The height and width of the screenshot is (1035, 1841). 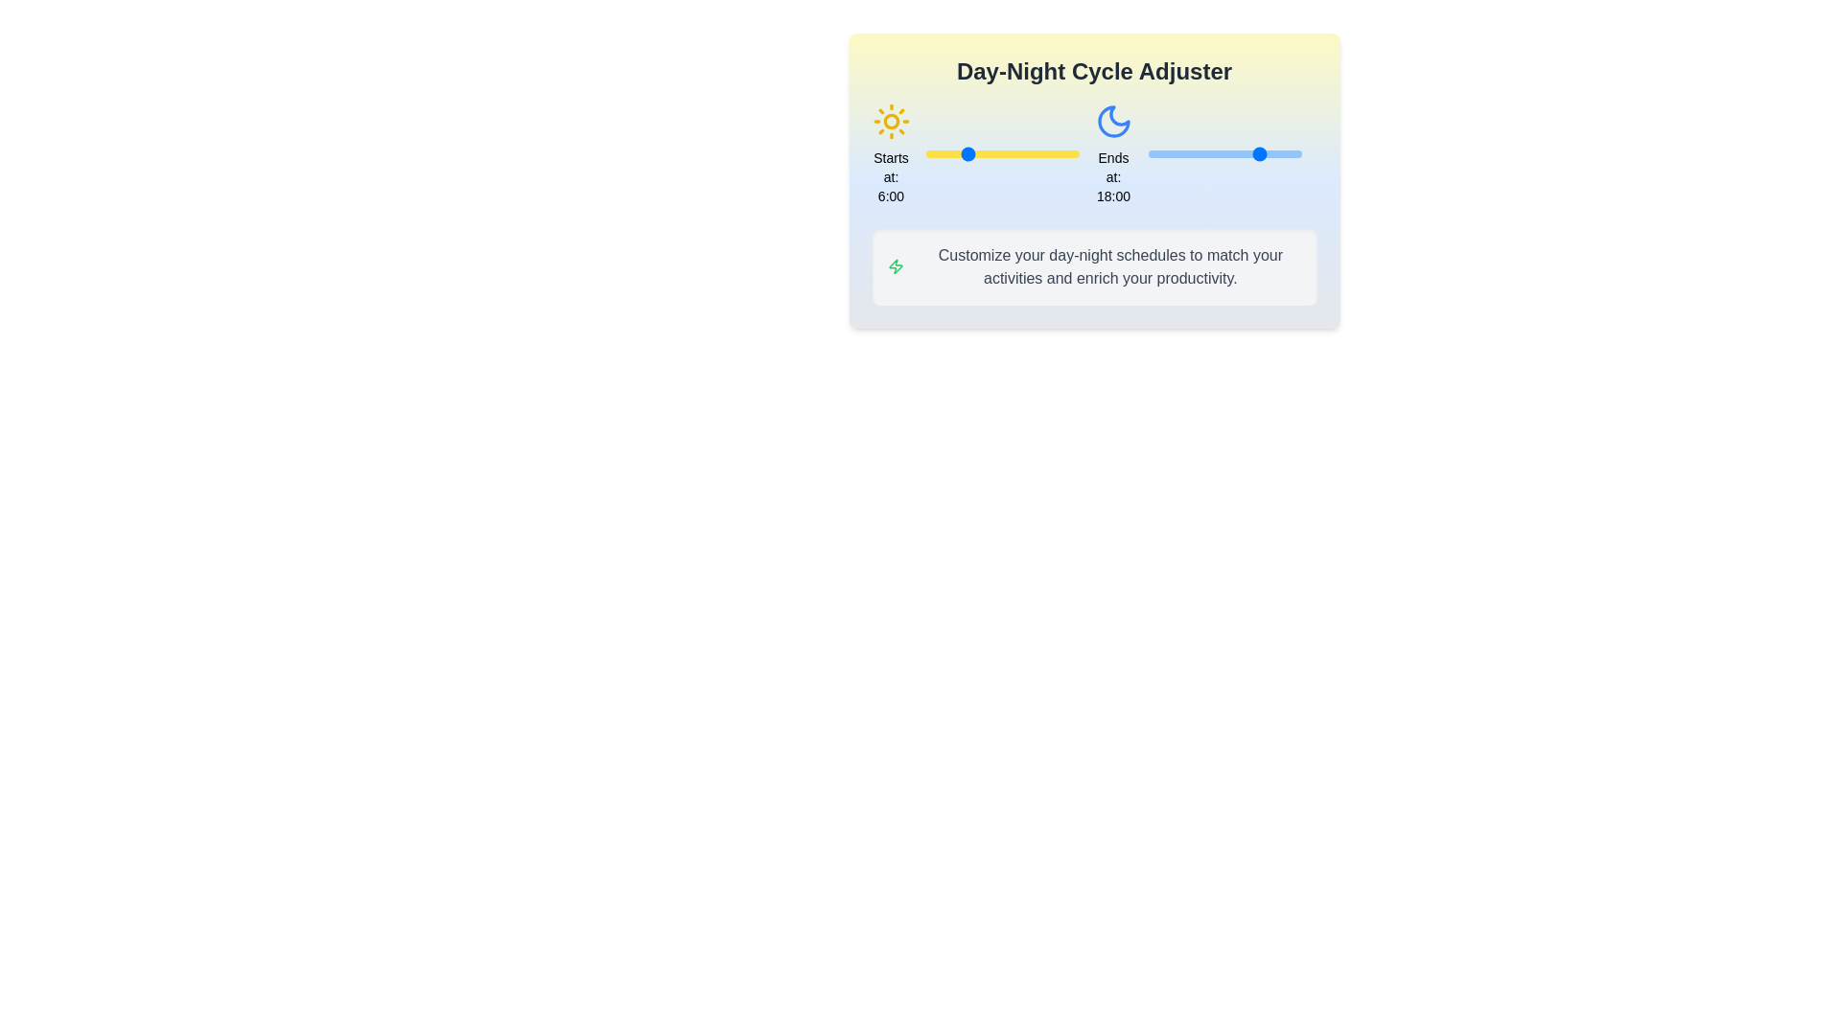 I want to click on the start time of the day cycle to 0 hours using the left slider, so click(x=925, y=153).